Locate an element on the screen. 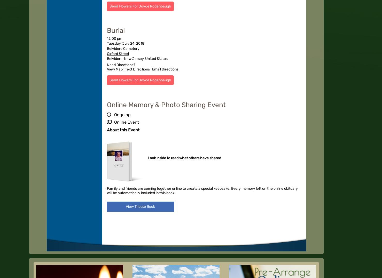 The image size is (382, 278). 'Family and friends are coming together online to create a special keepsake. Every memory left on the online obituary will be automatically included in this book.' is located at coordinates (202, 190).